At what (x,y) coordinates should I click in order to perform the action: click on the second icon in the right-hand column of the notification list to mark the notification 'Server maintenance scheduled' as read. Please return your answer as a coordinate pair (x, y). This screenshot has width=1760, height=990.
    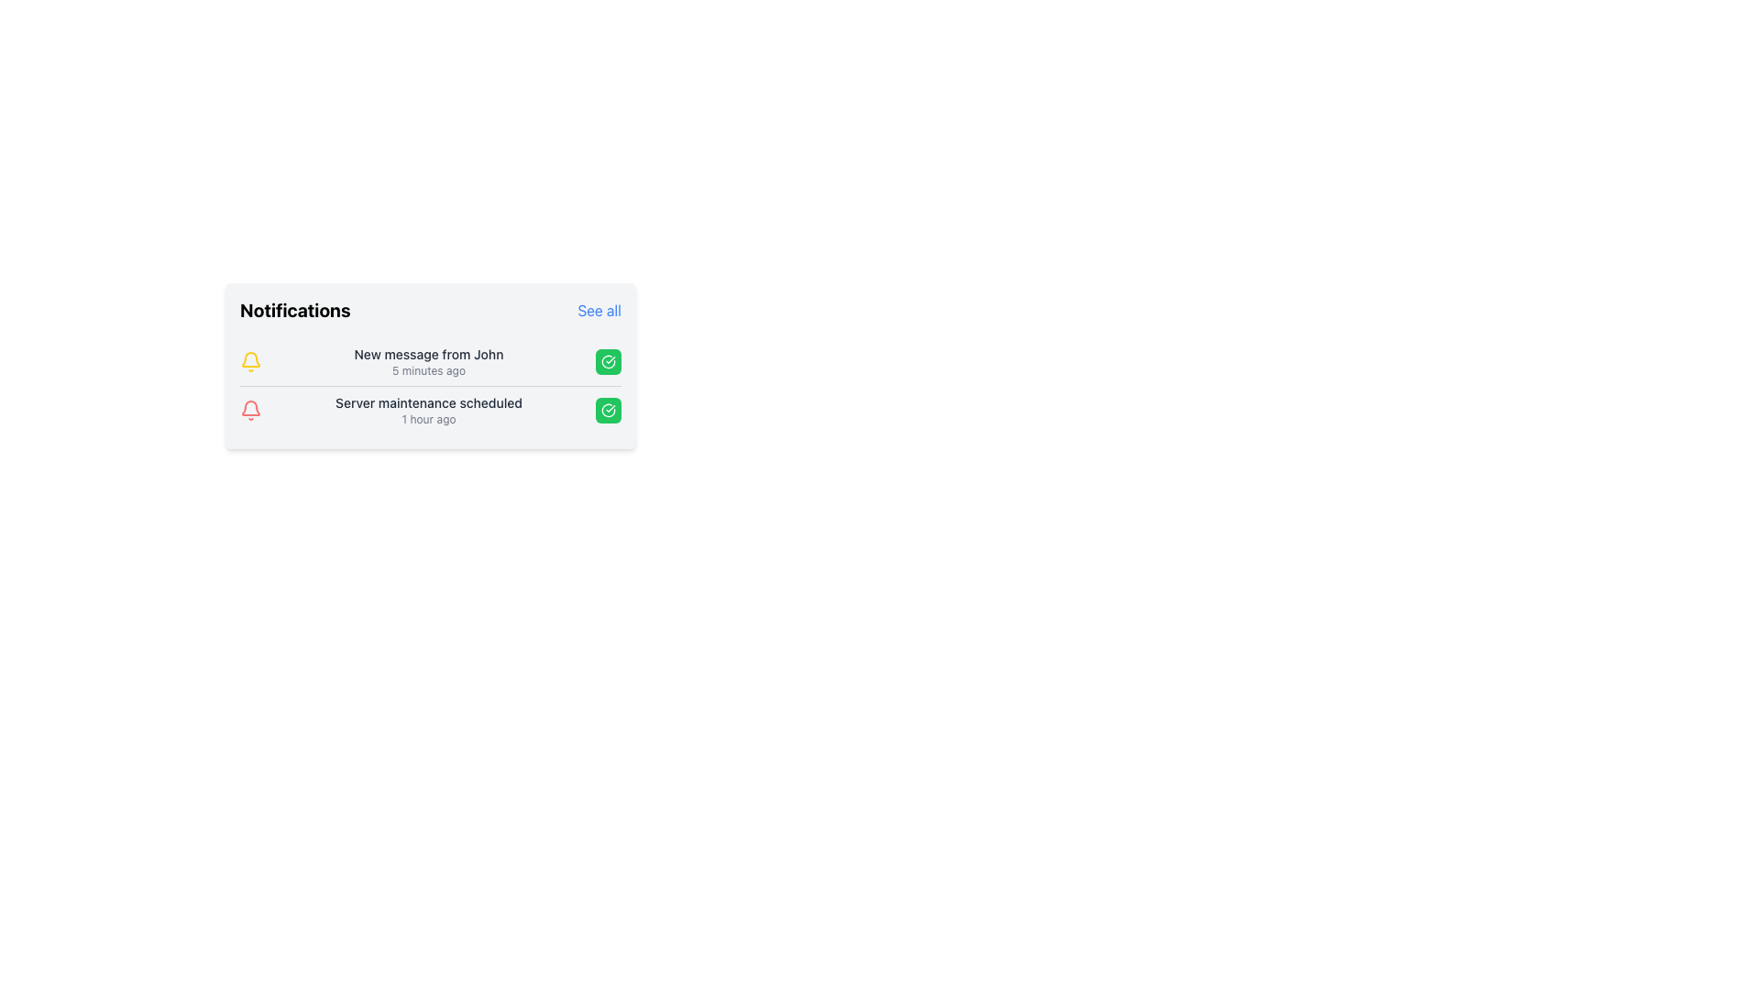
    Looking at the image, I should click on (608, 361).